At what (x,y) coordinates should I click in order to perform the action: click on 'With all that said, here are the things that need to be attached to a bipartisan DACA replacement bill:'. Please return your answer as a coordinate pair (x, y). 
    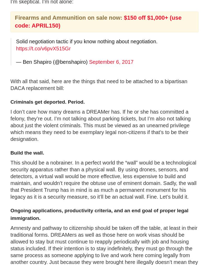
    Looking at the image, I should click on (10, 84).